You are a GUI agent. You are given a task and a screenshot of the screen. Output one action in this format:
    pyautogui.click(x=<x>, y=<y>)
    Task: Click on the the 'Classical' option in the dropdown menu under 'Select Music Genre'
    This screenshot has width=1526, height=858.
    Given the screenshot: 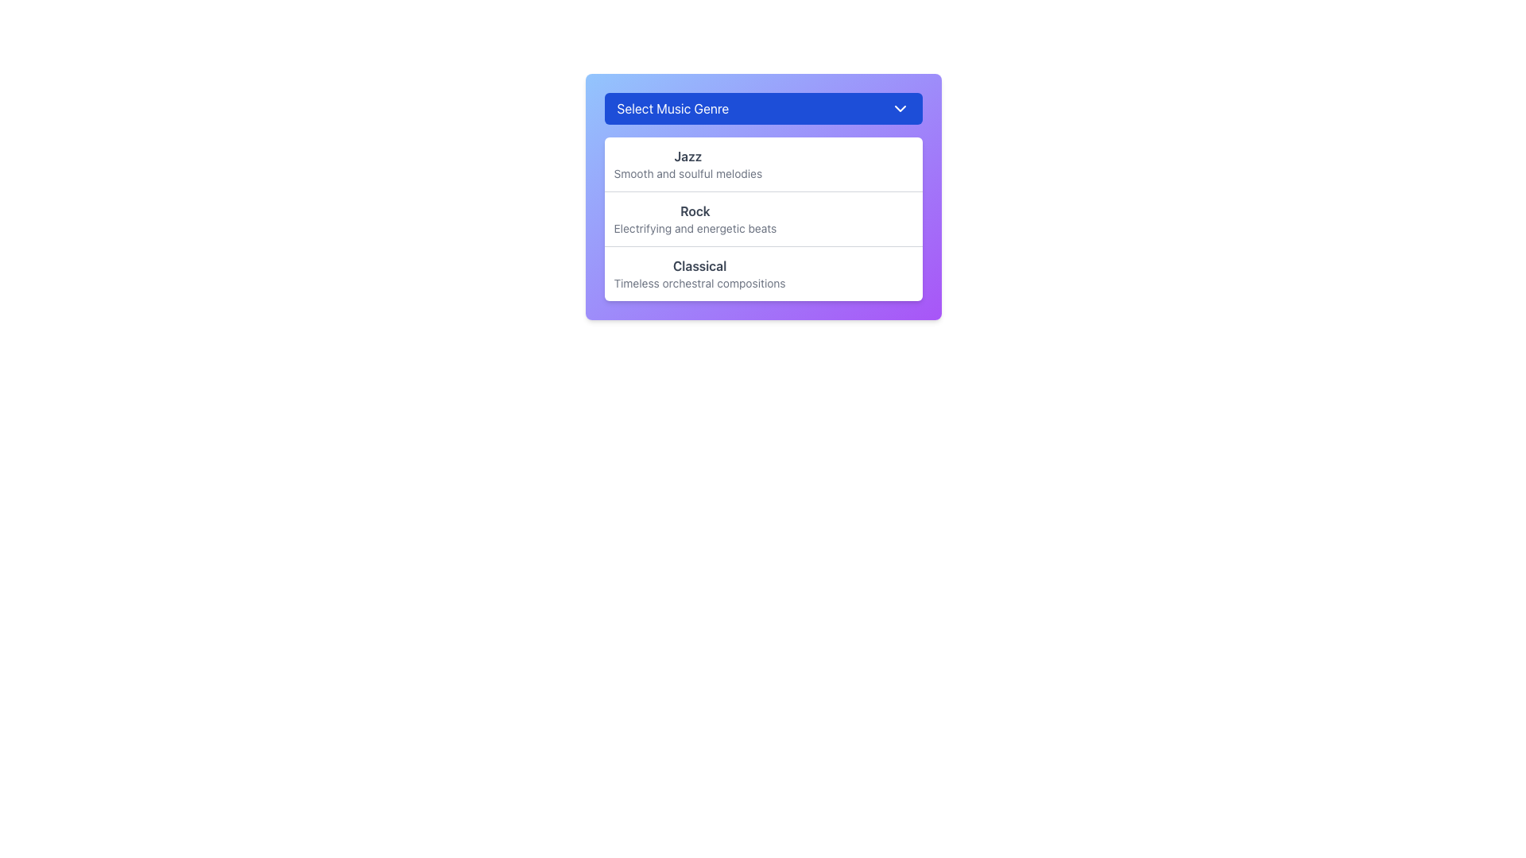 What is the action you would take?
    pyautogui.click(x=763, y=272)
    